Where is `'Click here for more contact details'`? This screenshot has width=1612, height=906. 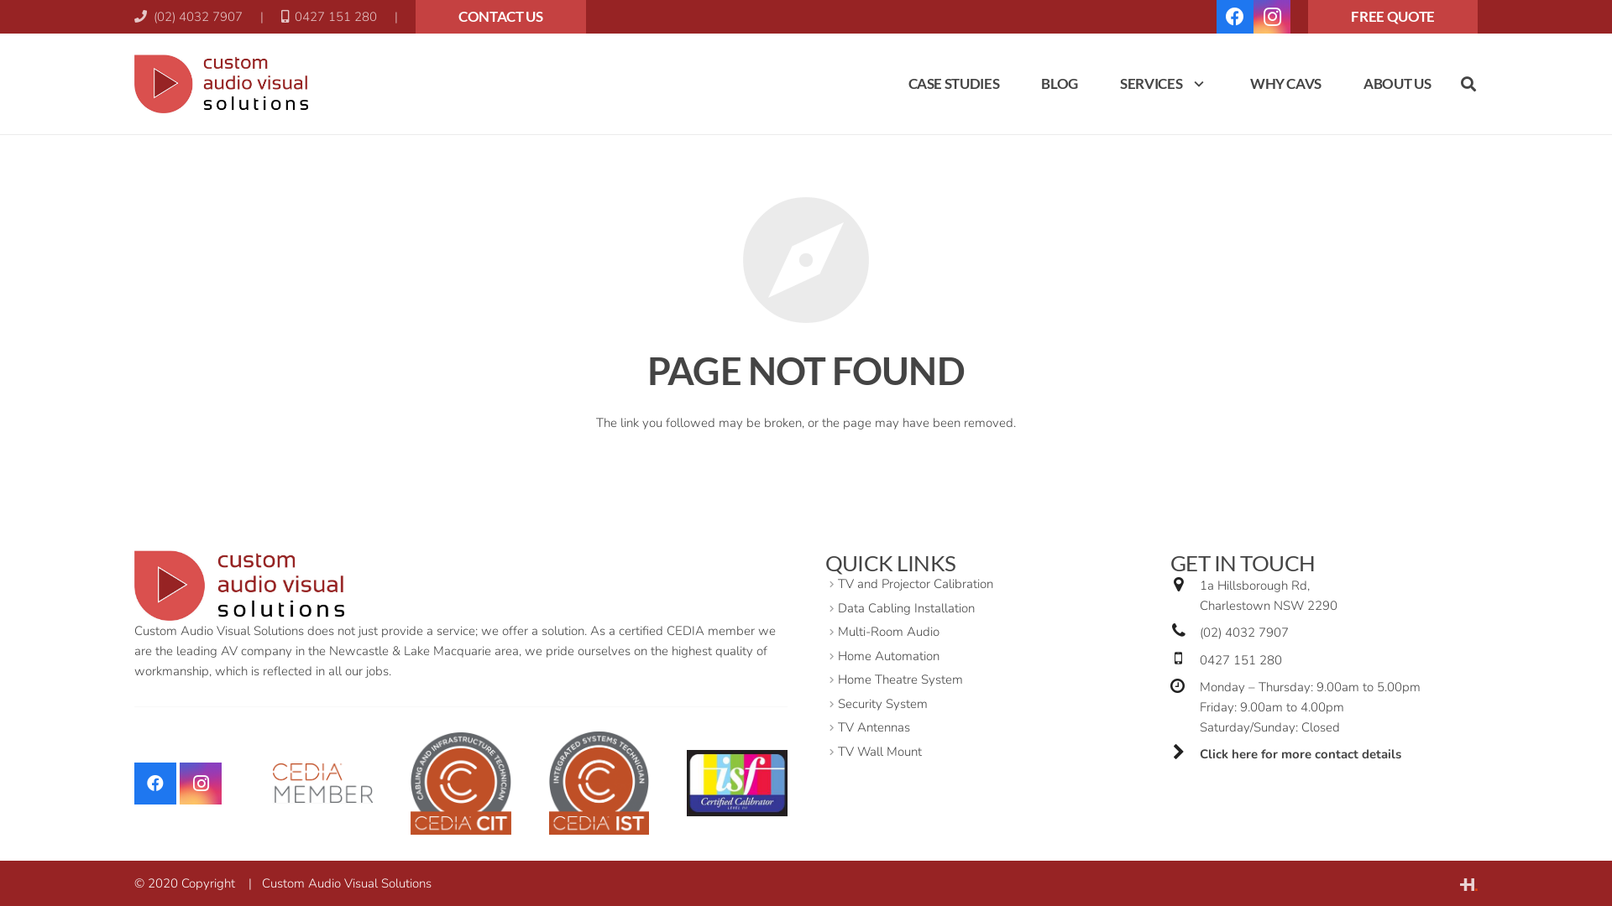 'Click here for more contact details' is located at coordinates (1300, 753).